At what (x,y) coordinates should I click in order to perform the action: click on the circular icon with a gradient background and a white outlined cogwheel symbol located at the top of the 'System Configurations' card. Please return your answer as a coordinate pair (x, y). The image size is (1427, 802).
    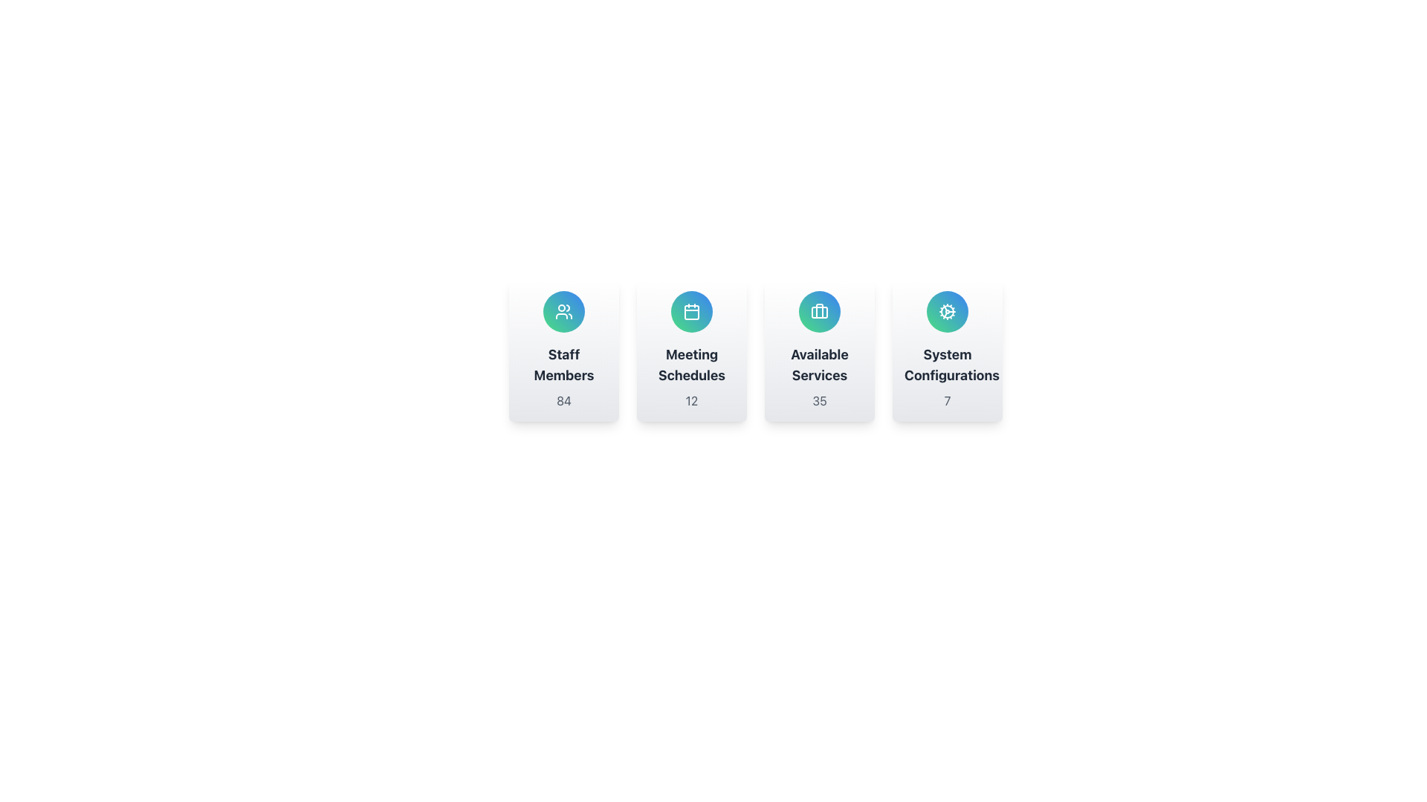
    Looking at the image, I should click on (947, 311).